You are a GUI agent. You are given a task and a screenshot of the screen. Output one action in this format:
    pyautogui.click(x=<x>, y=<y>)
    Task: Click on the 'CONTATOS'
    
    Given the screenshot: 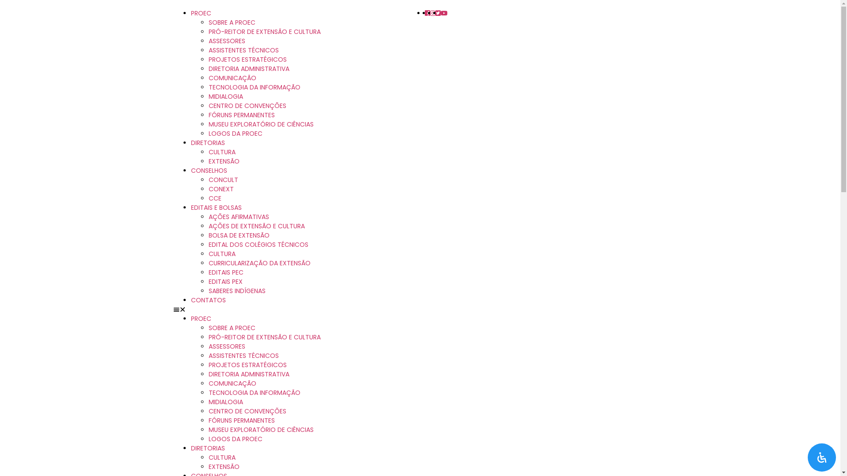 What is the action you would take?
    pyautogui.click(x=207, y=300)
    